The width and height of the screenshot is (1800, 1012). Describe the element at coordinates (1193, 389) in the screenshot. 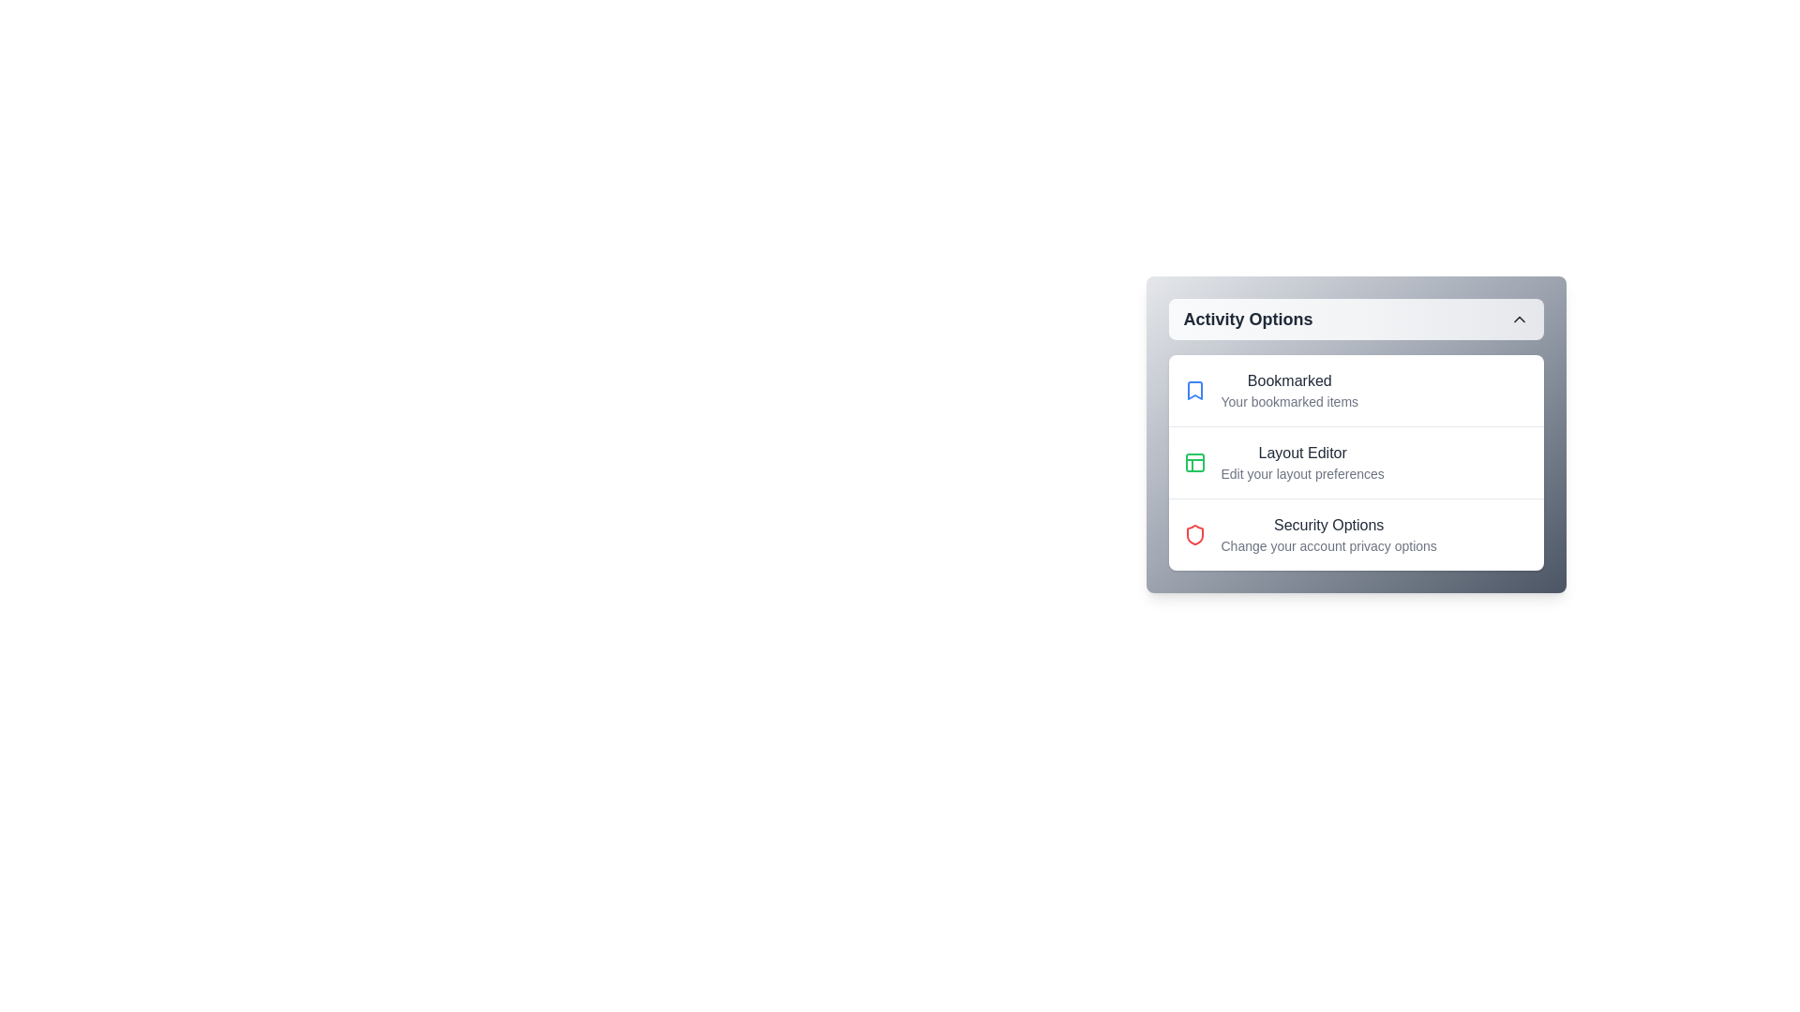

I see `the small blue bookmark icon located to the left of the 'Bookmarked' label in the Activity Options menu for additional interactions` at that location.